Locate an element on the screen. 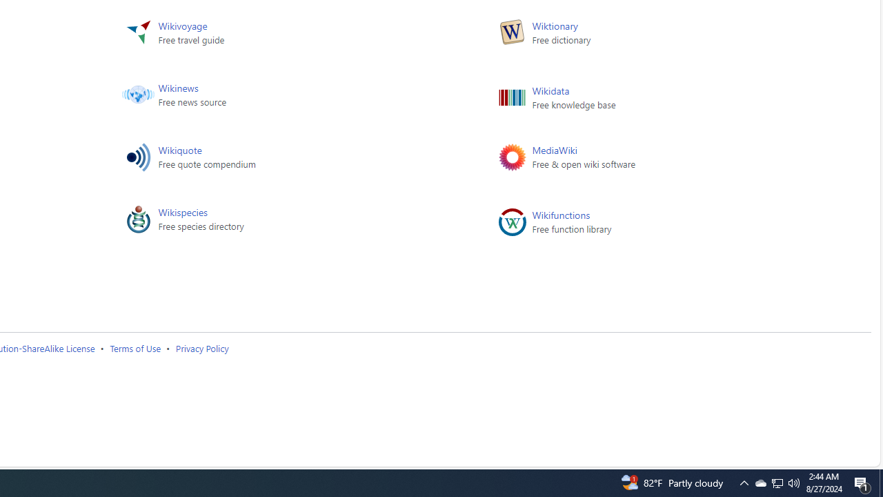 The height and width of the screenshot is (497, 883). 'Privacy Policy' is located at coordinates (201, 347).